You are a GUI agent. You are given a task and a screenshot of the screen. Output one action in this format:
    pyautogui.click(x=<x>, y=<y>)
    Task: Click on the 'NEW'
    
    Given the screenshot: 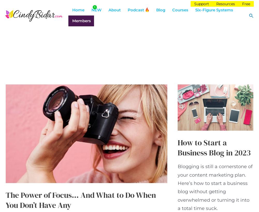 What is the action you would take?
    pyautogui.click(x=96, y=10)
    